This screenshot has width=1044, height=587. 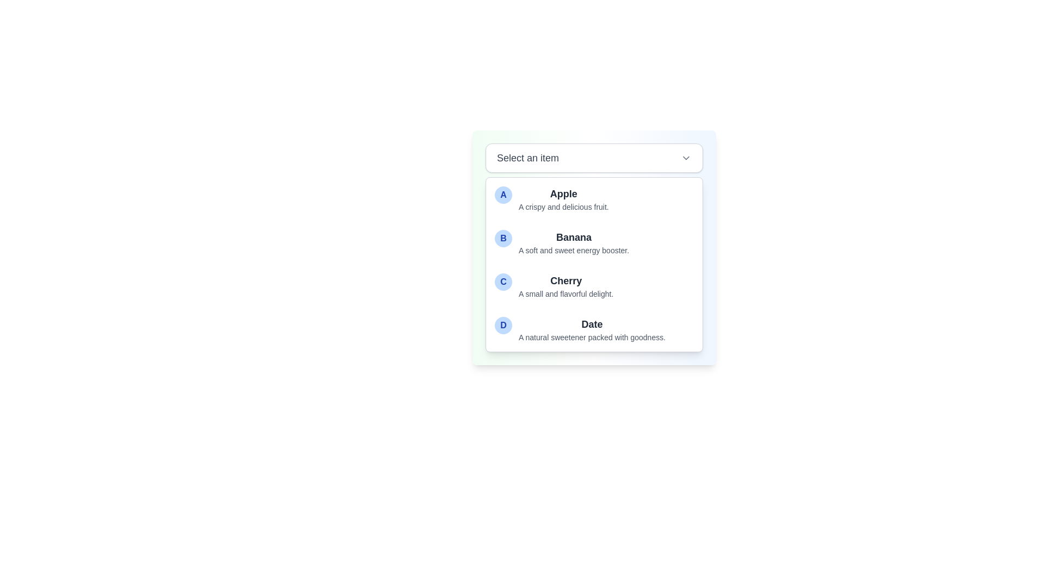 I want to click on the circular marker or badge that represents the 'Apple' item in the first row of the list, so click(x=503, y=194).